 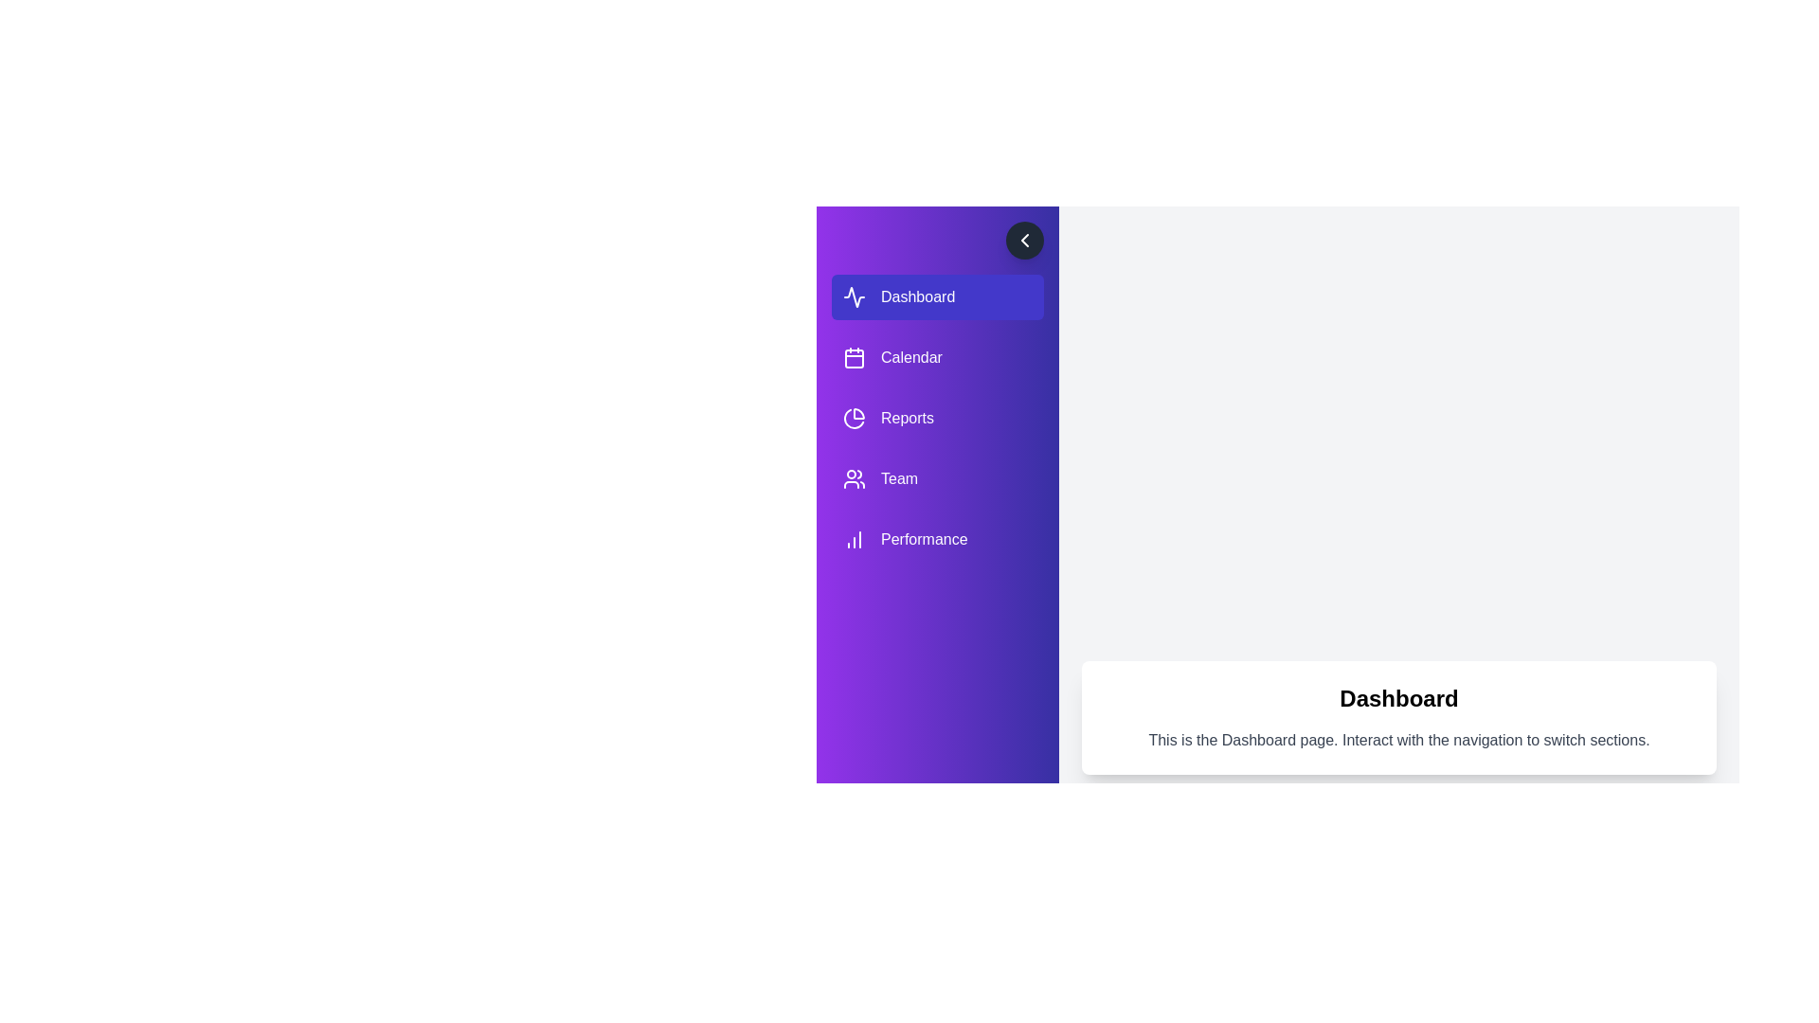 I want to click on the Team tab to switch the displayed content, so click(x=937, y=477).